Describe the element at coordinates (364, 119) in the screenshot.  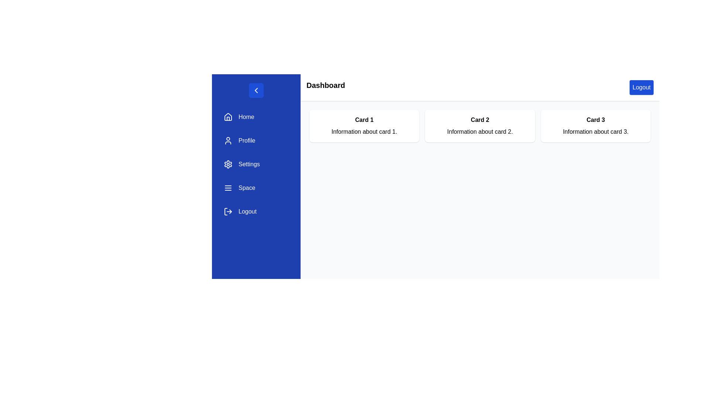
I see `the text label positioned at the top-center of the first card` at that location.